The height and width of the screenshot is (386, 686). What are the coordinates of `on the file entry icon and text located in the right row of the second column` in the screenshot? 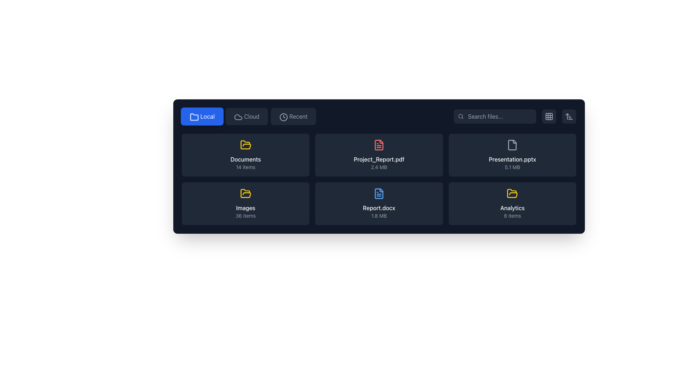 It's located at (512, 155).